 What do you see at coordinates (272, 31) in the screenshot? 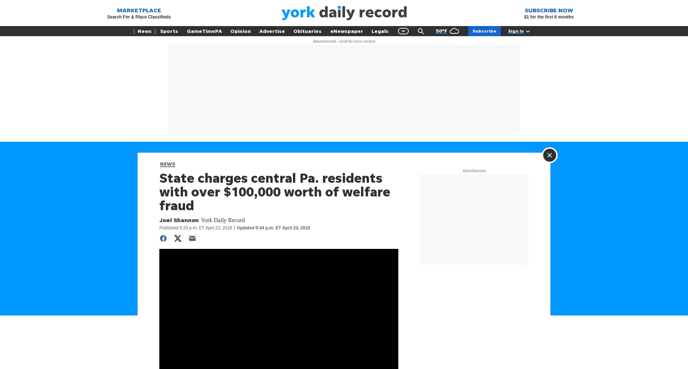
I see `'Advertise'` at bounding box center [272, 31].